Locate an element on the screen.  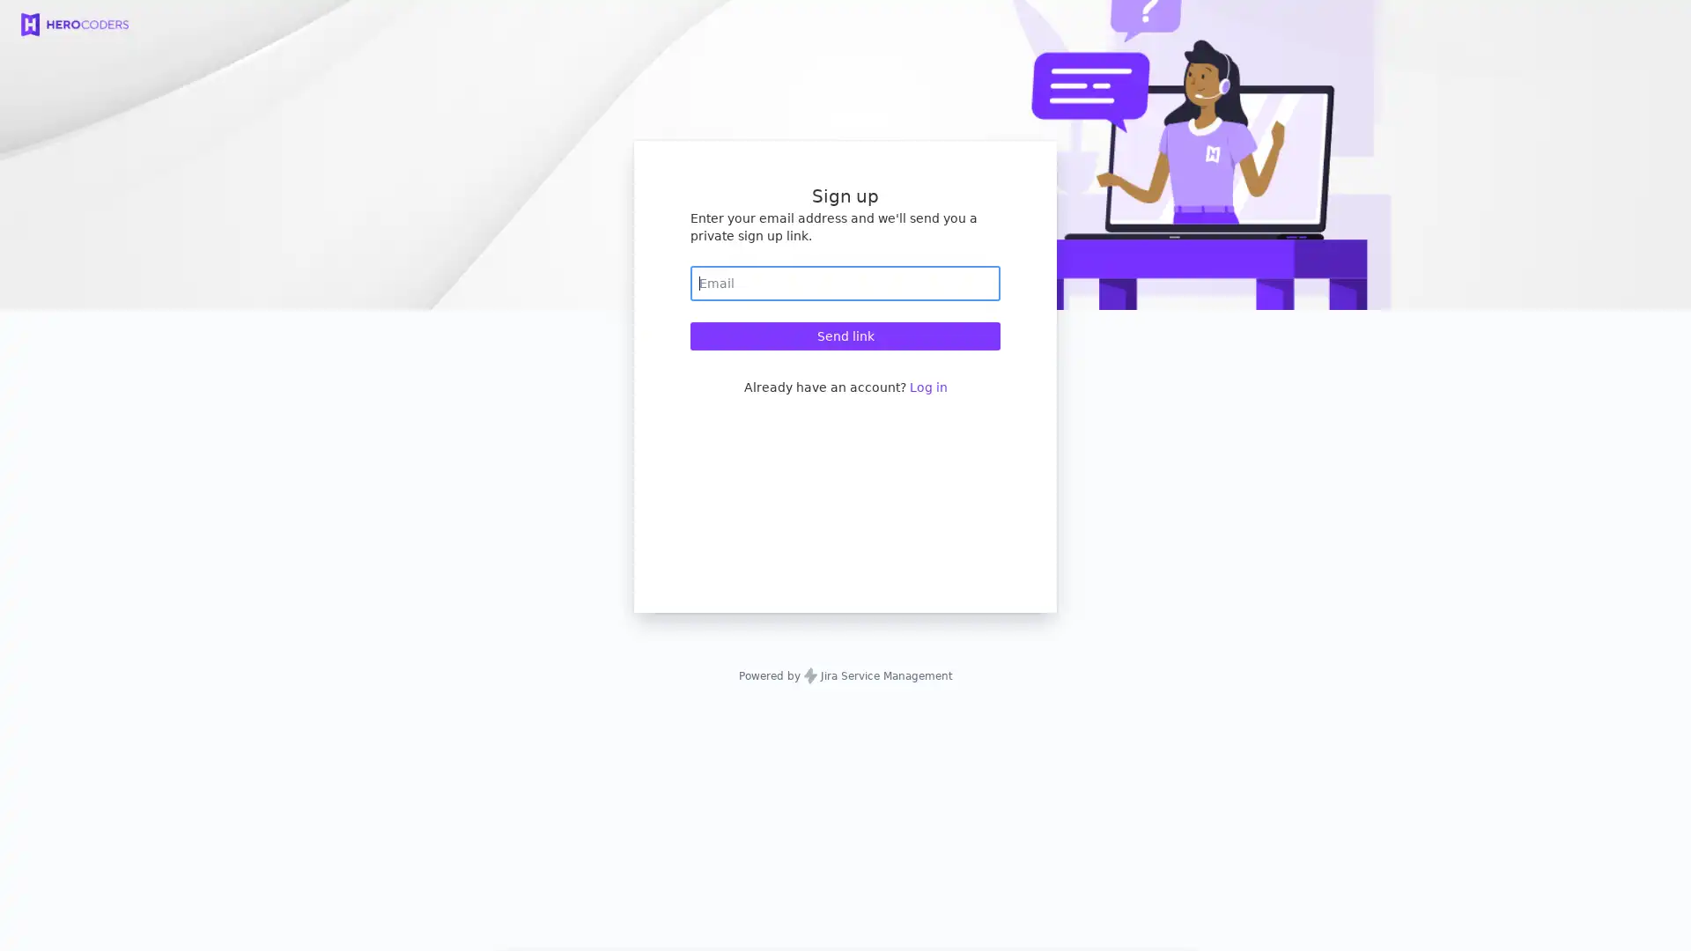
Send link is located at coordinates (845, 335).